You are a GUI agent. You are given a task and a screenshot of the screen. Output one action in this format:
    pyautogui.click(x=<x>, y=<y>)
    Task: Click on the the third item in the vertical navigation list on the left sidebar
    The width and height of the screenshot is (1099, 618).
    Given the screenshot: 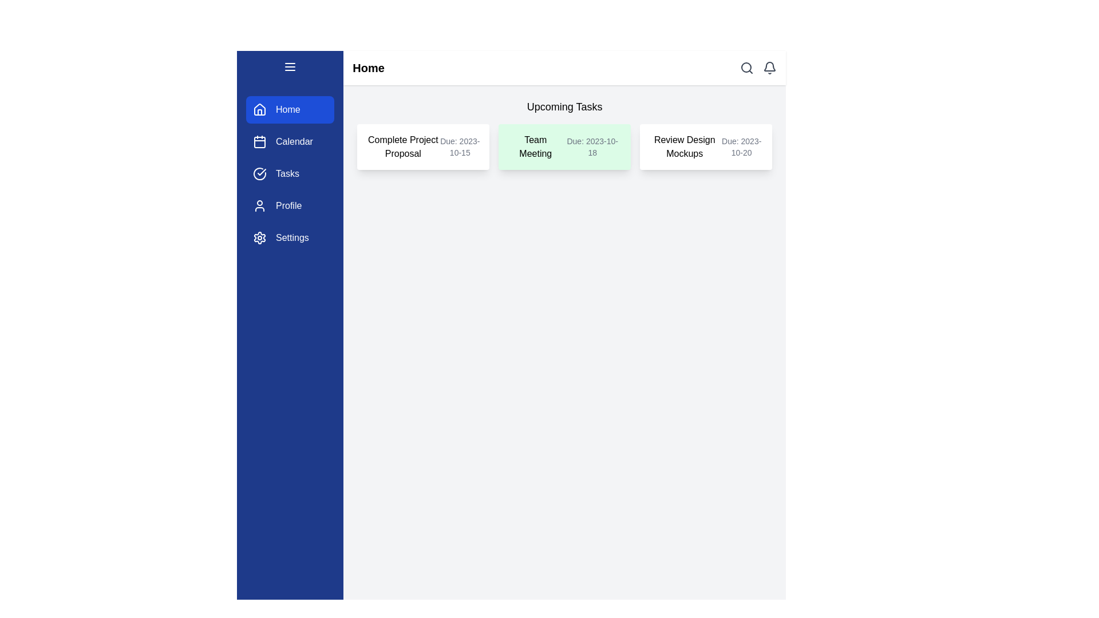 What is the action you would take?
    pyautogui.click(x=290, y=174)
    